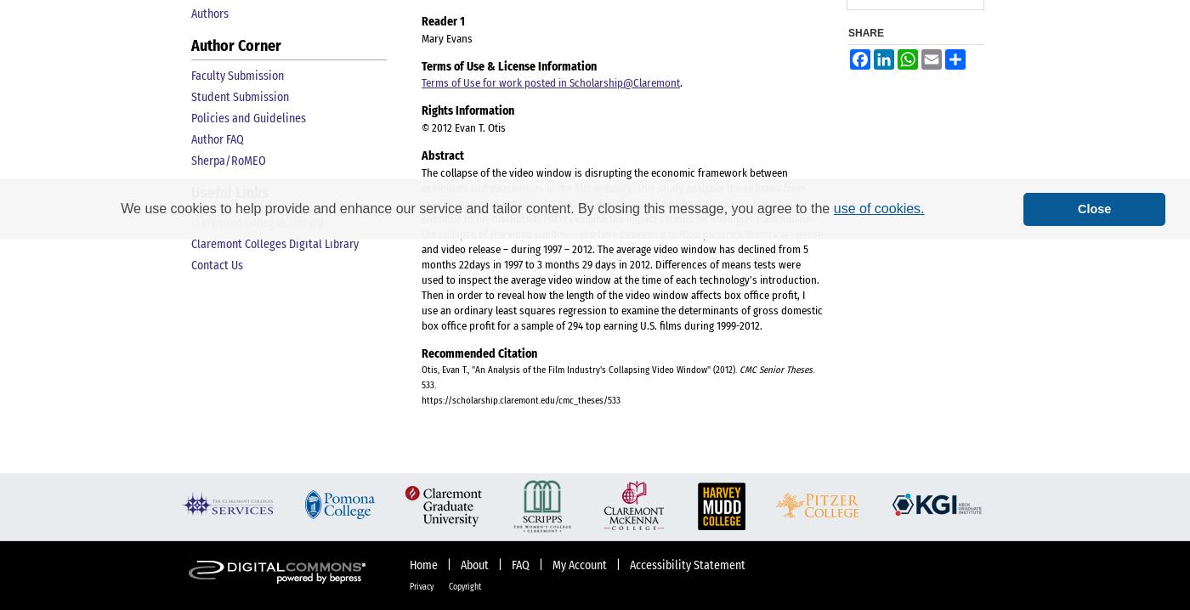 This screenshot has width=1190, height=610. What do you see at coordinates (463, 127) in the screenshot?
I see `'© 2012 Evan T. Otis'` at bounding box center [463, 127].